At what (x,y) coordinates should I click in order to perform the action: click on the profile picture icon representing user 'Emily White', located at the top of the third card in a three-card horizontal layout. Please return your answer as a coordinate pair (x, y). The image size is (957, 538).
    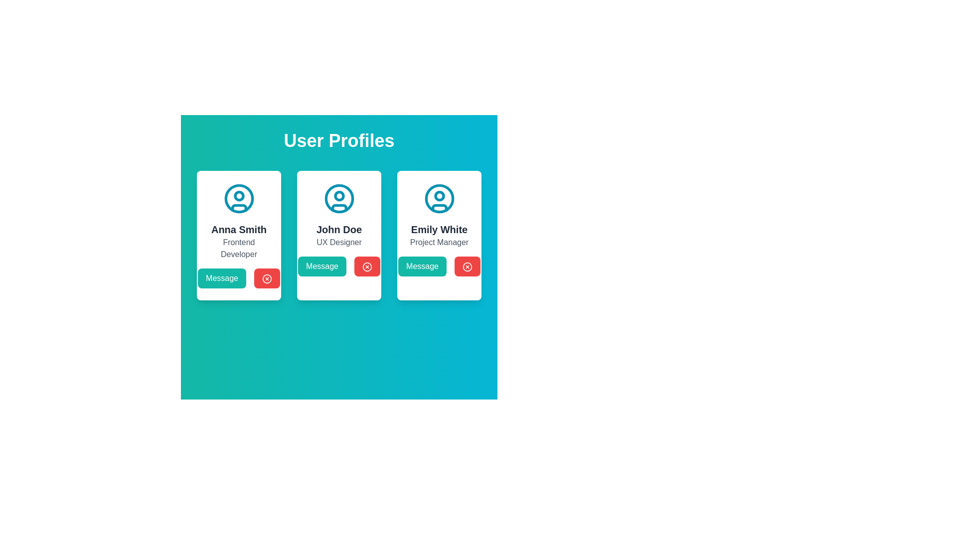
    Looking at the image, I should click on (439, 198).